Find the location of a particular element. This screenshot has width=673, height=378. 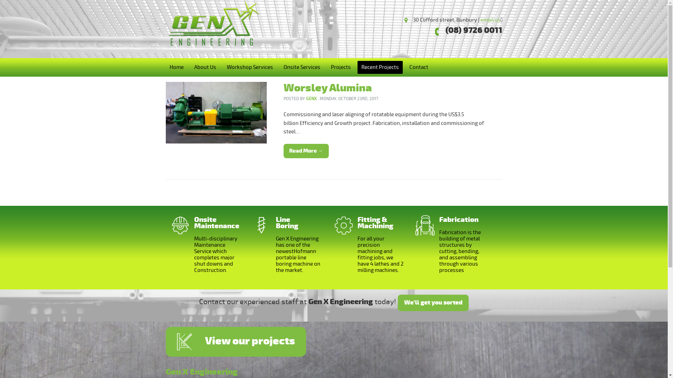

'email us' is located at coordinates (490, 20).